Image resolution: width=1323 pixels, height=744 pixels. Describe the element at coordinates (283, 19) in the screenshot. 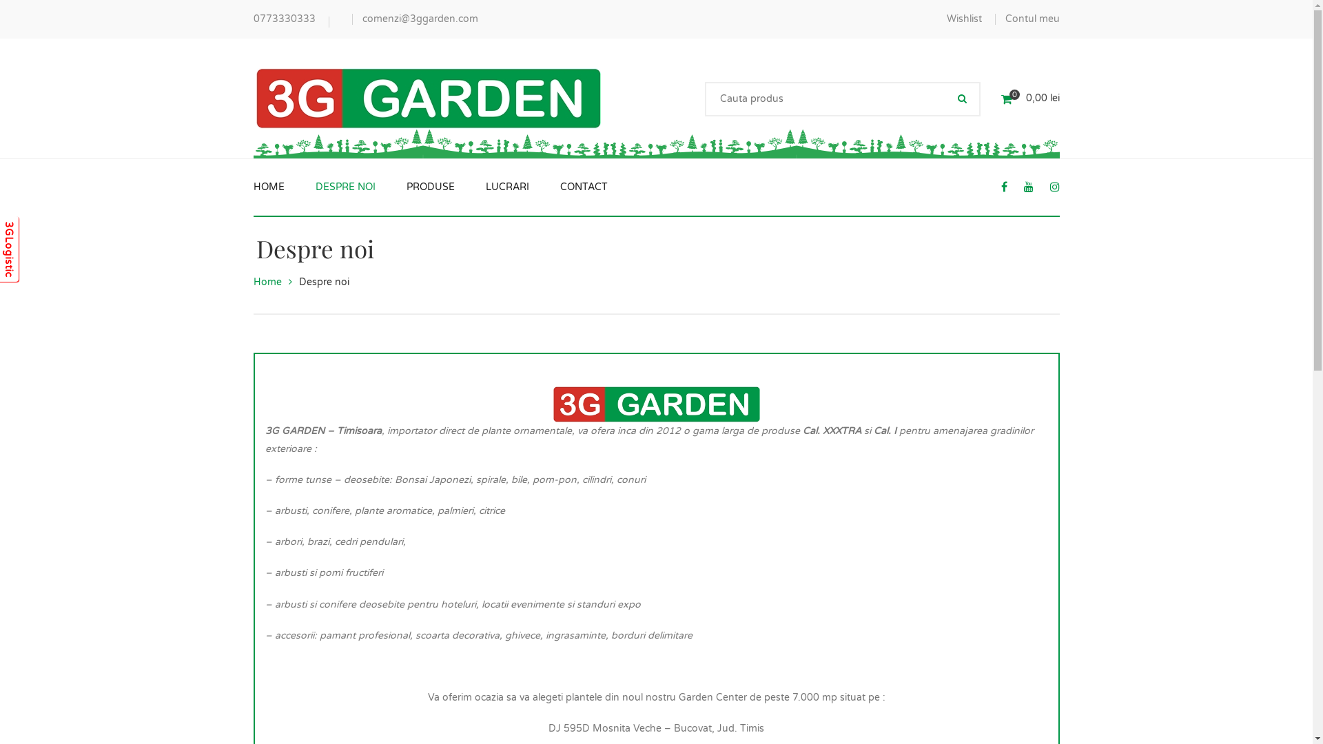

I see `'0773330333'` at that location.